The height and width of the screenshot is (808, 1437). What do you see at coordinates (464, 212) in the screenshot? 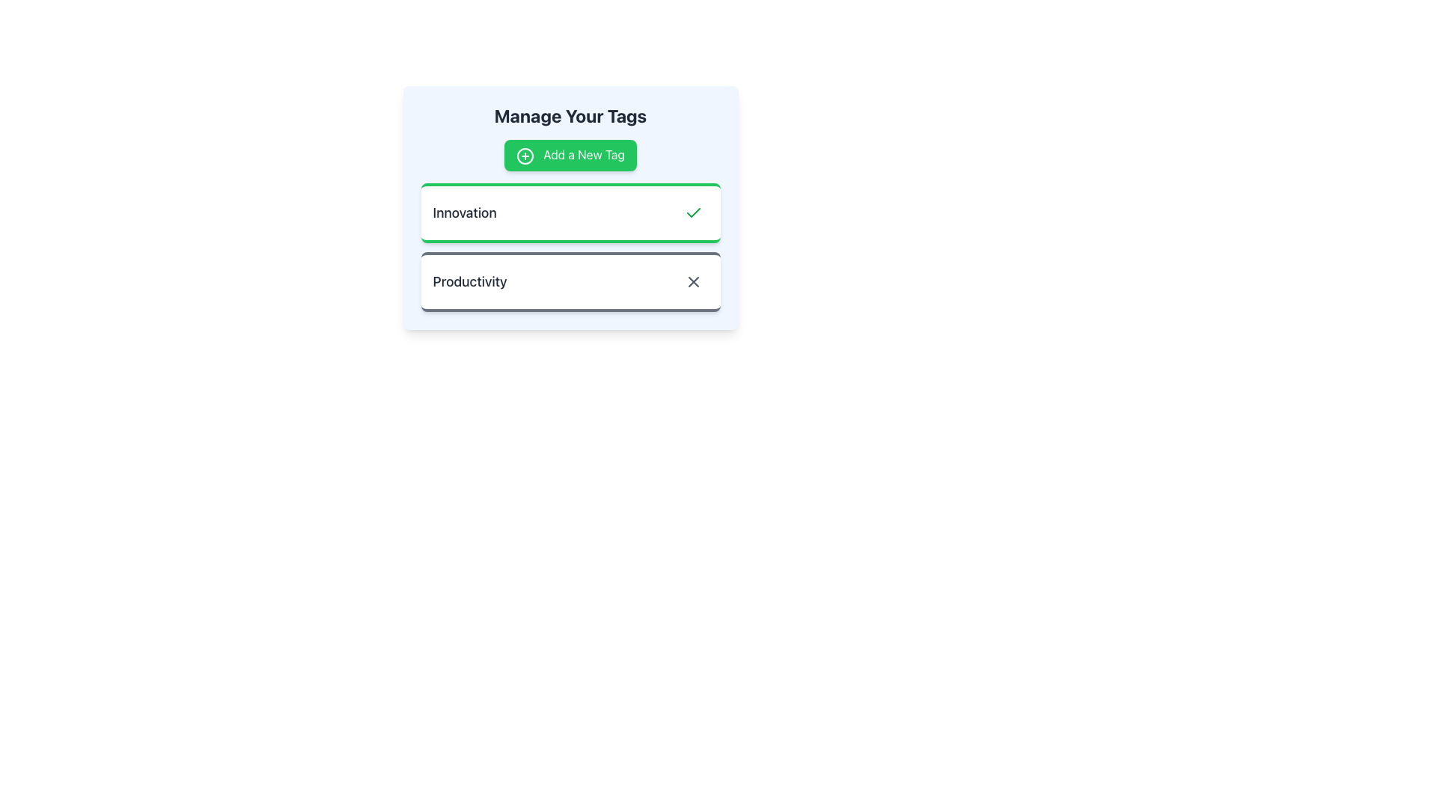
I see `the text label displaying the word 'Innovation' in bold font, located in the upper section of a white rounded rectangle with a green highlighted border` at bounding box center [464, 212].